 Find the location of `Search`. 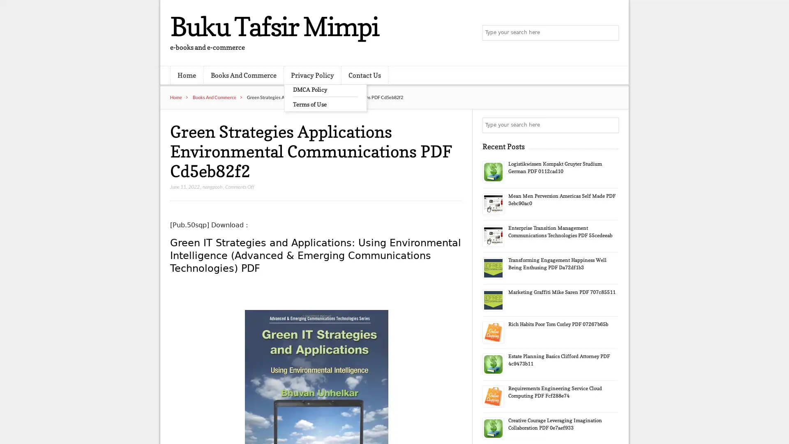

Search is located at coordinates (610, 125).